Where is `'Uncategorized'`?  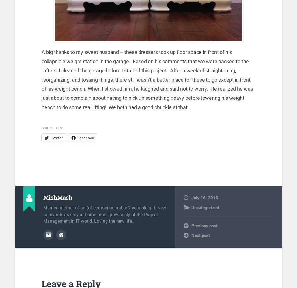 'Uncategorized' is located at coordinates (205, 207).